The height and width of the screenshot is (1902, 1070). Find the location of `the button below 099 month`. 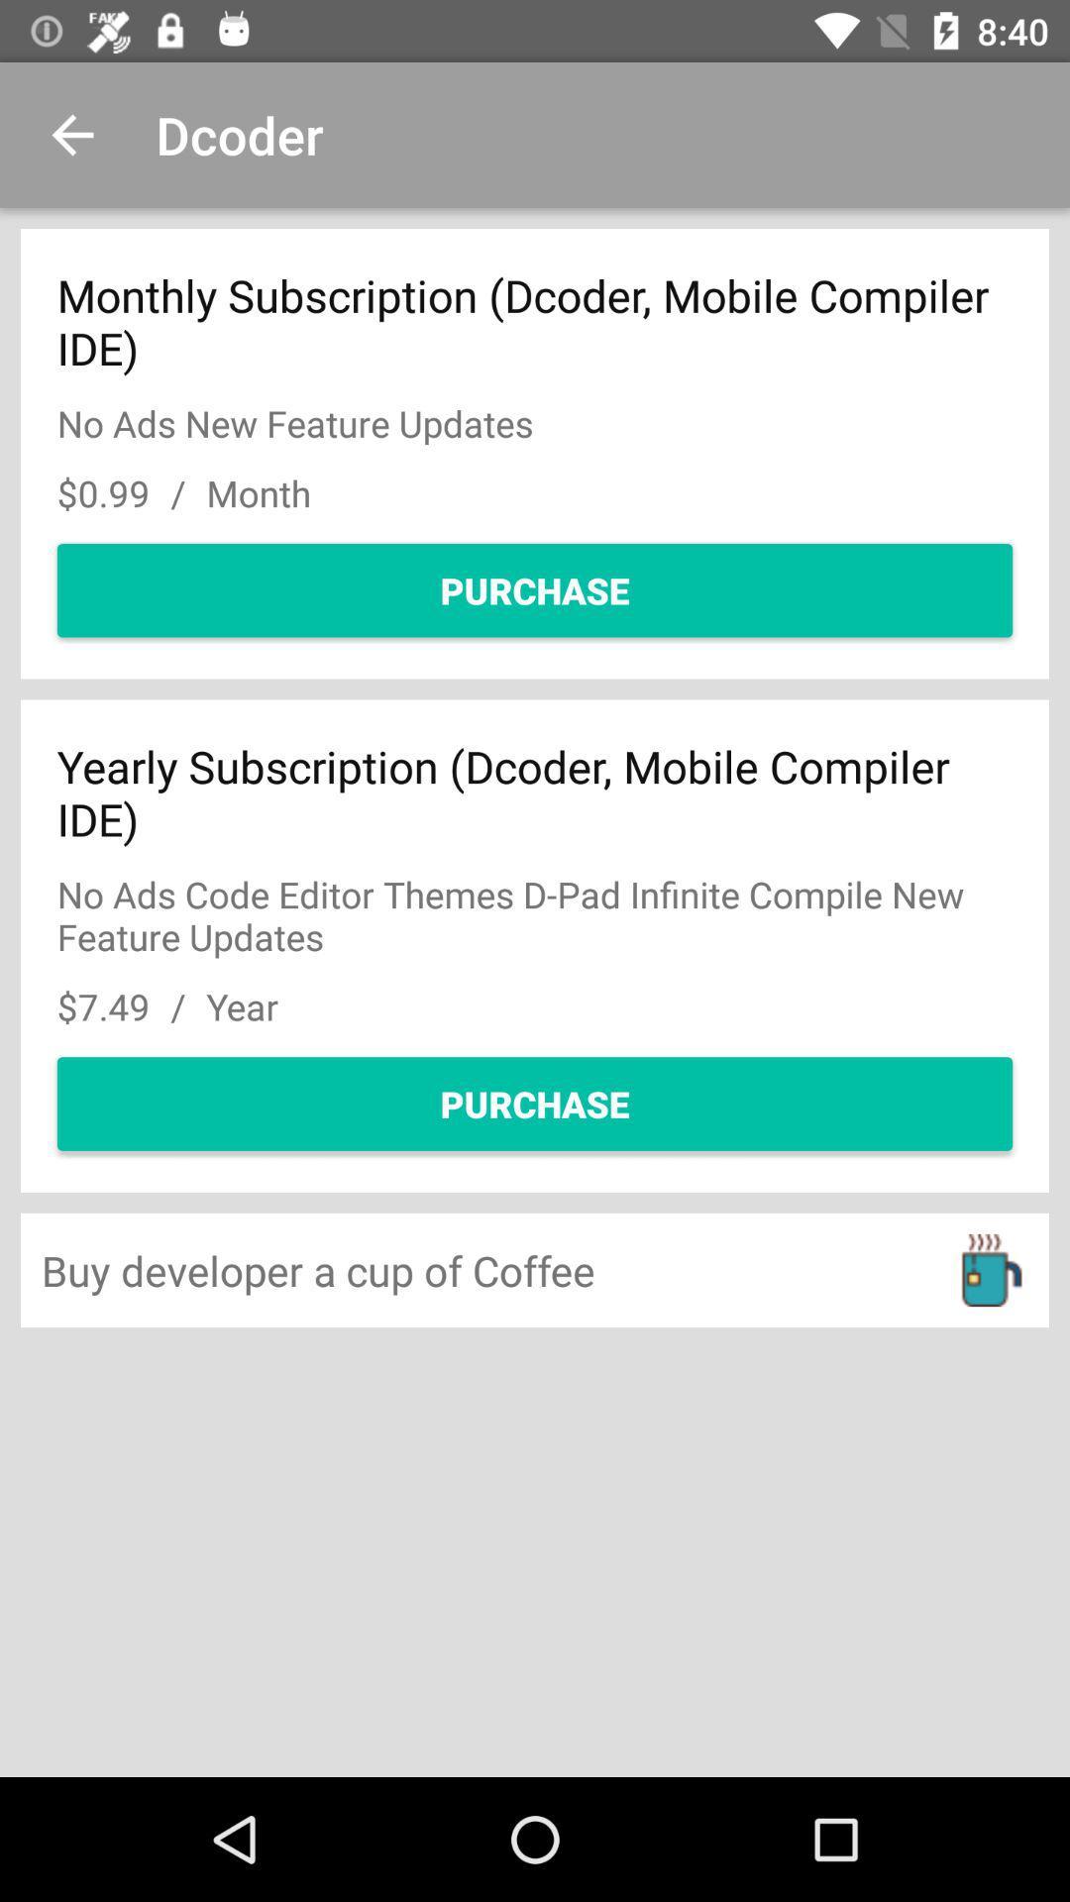

the button below 099 month is located at coordinates (535, 588).